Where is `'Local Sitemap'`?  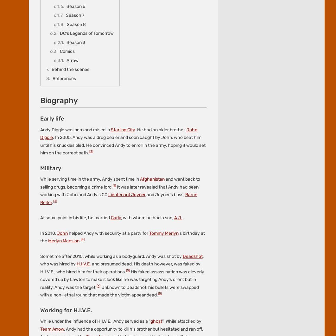
'Local Sitemap' is located at coordinates (103, 61).